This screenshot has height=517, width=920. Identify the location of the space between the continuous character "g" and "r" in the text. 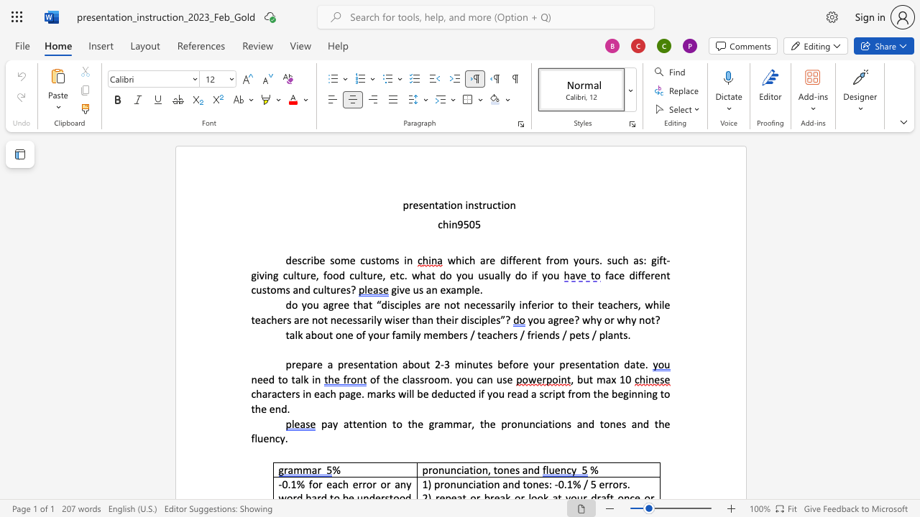
(333, 304).